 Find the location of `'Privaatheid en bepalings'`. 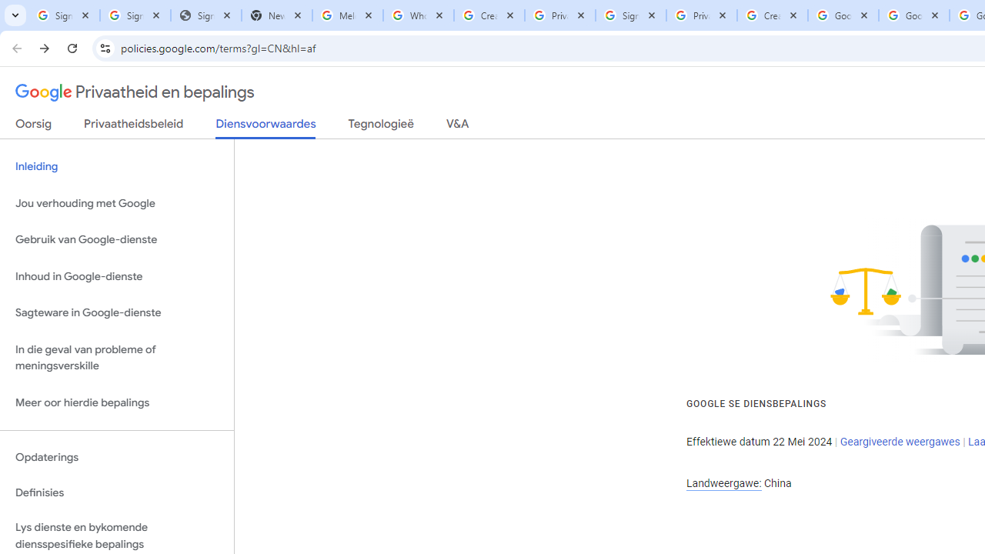

'Privaatheid en bepalings' is located at coordinates (135, 92).